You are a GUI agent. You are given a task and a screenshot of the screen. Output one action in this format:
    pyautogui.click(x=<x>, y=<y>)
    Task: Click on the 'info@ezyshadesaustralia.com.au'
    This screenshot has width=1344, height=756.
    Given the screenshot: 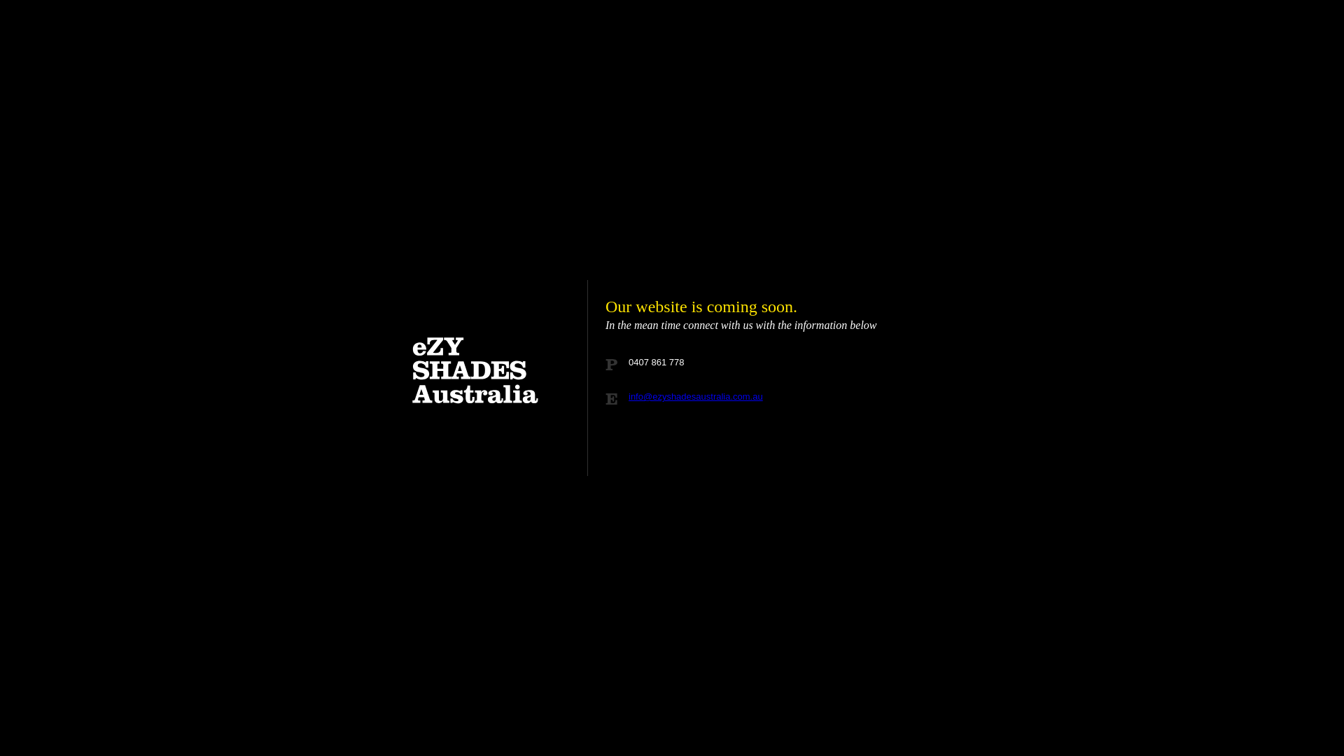 What is the action you would take?
    pyautogui.click(x=627, y=396)
    